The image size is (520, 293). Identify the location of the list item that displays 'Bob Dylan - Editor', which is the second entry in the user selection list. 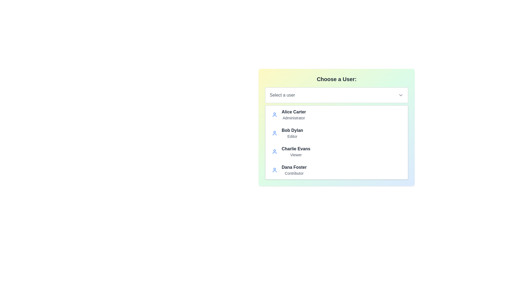
(336, 128).